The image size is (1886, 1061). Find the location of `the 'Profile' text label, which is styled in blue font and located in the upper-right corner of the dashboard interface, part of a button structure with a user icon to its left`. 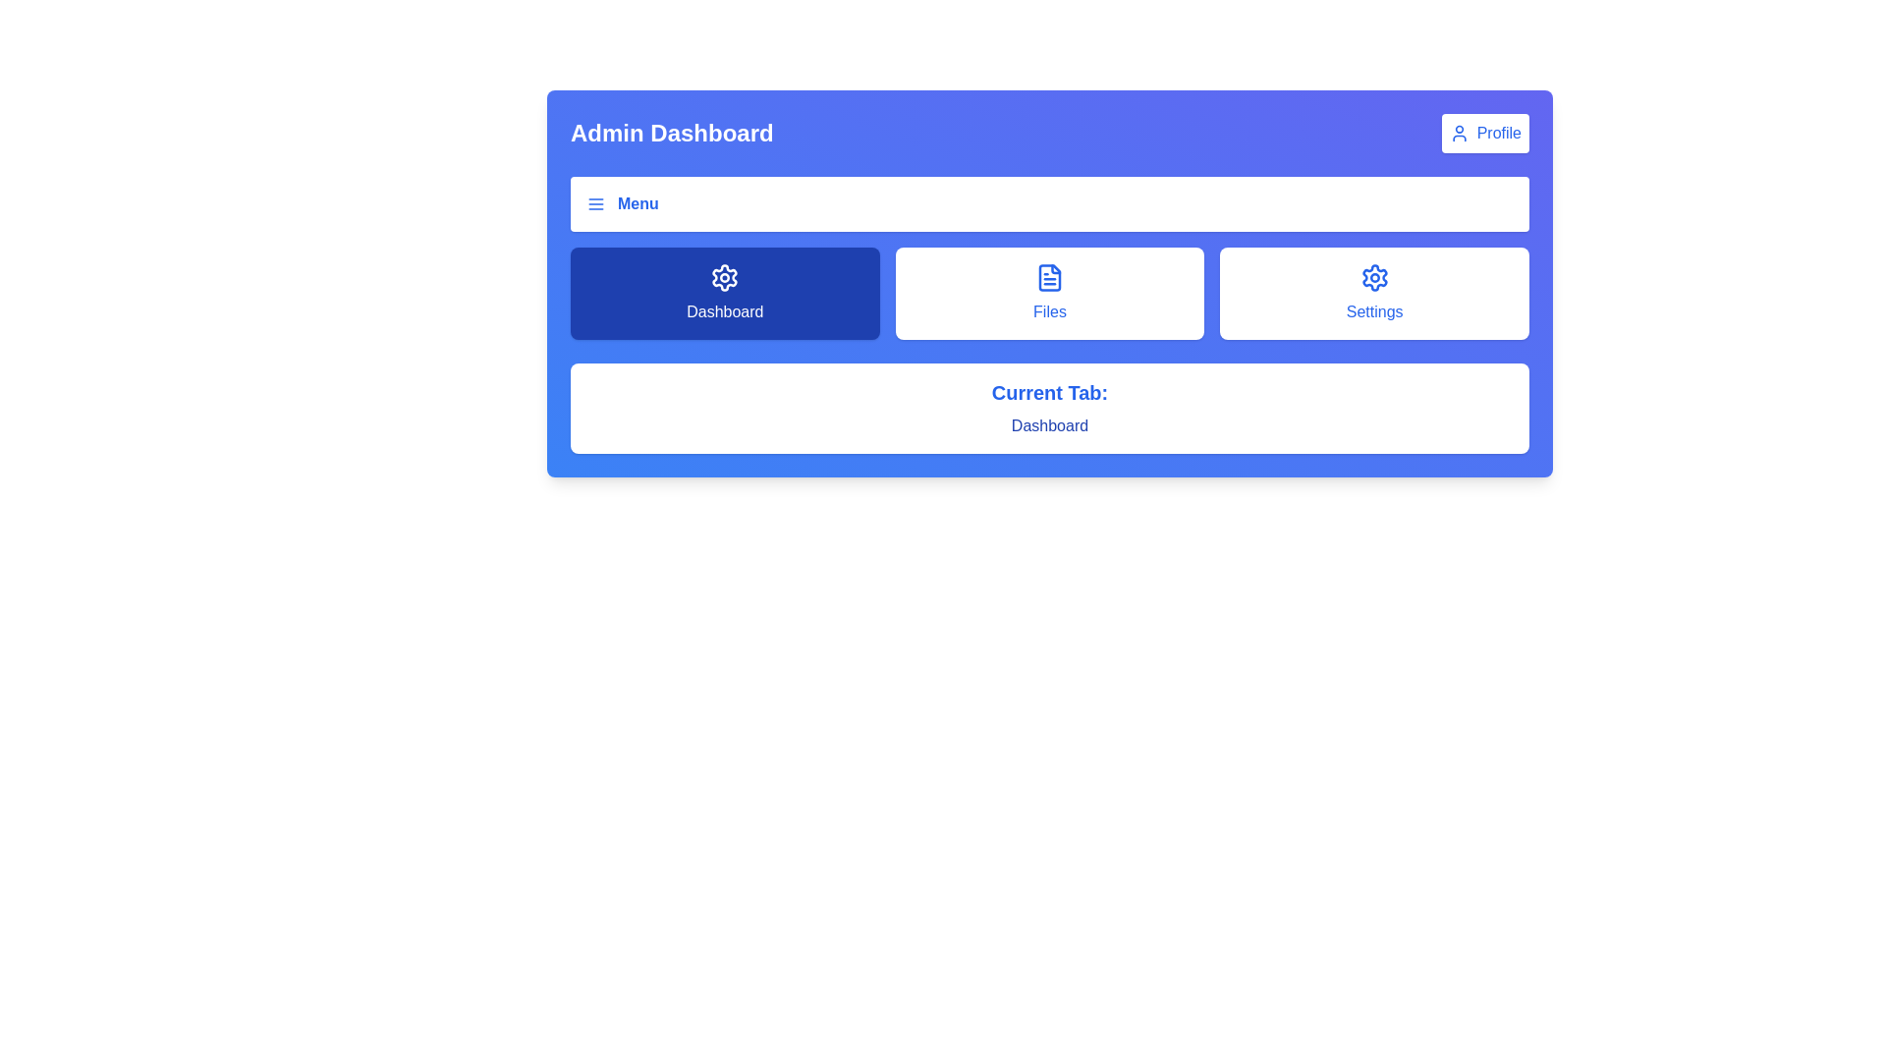

the 'Profile' text label, which is styled in blue font and located in the upper-right corner of the dashboard interface, part of a button structure with a user icon to its left is located at coordinates (1498, 133).